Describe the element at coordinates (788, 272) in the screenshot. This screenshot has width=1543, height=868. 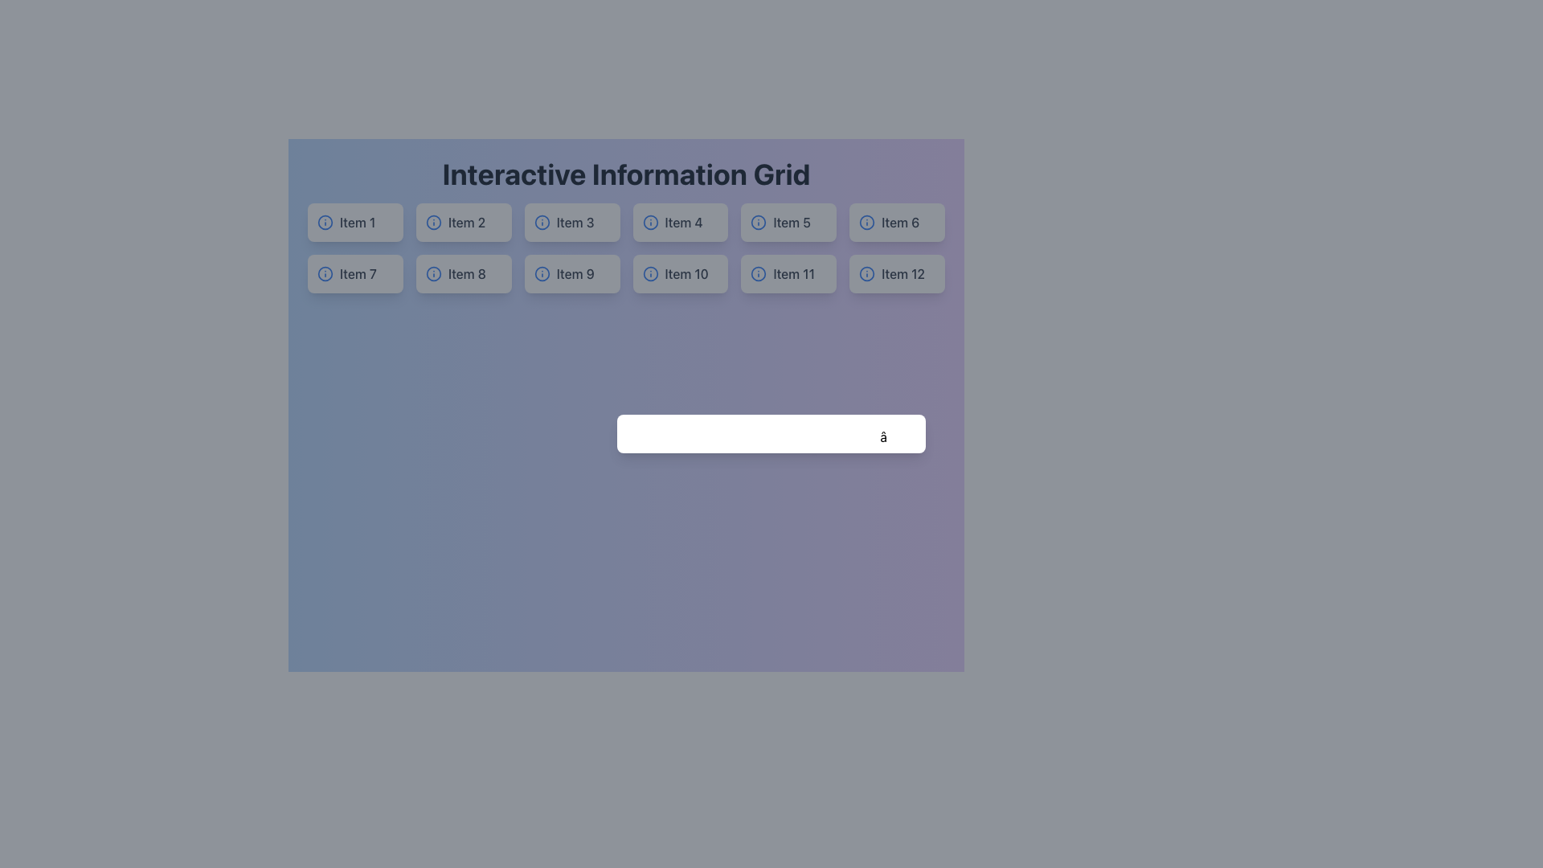
I see `the Label with Icon that features a circular blue 'i' symbol and the text 'Item 11' in medium gray, located in the second row of a grid, second from the left` at that location.